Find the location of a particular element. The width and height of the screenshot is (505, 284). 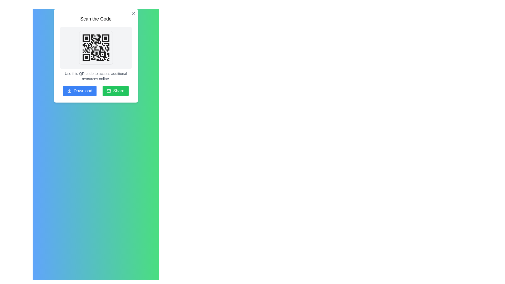

the text block that reads 'Use this QR code is located at coordinates (96, 76).